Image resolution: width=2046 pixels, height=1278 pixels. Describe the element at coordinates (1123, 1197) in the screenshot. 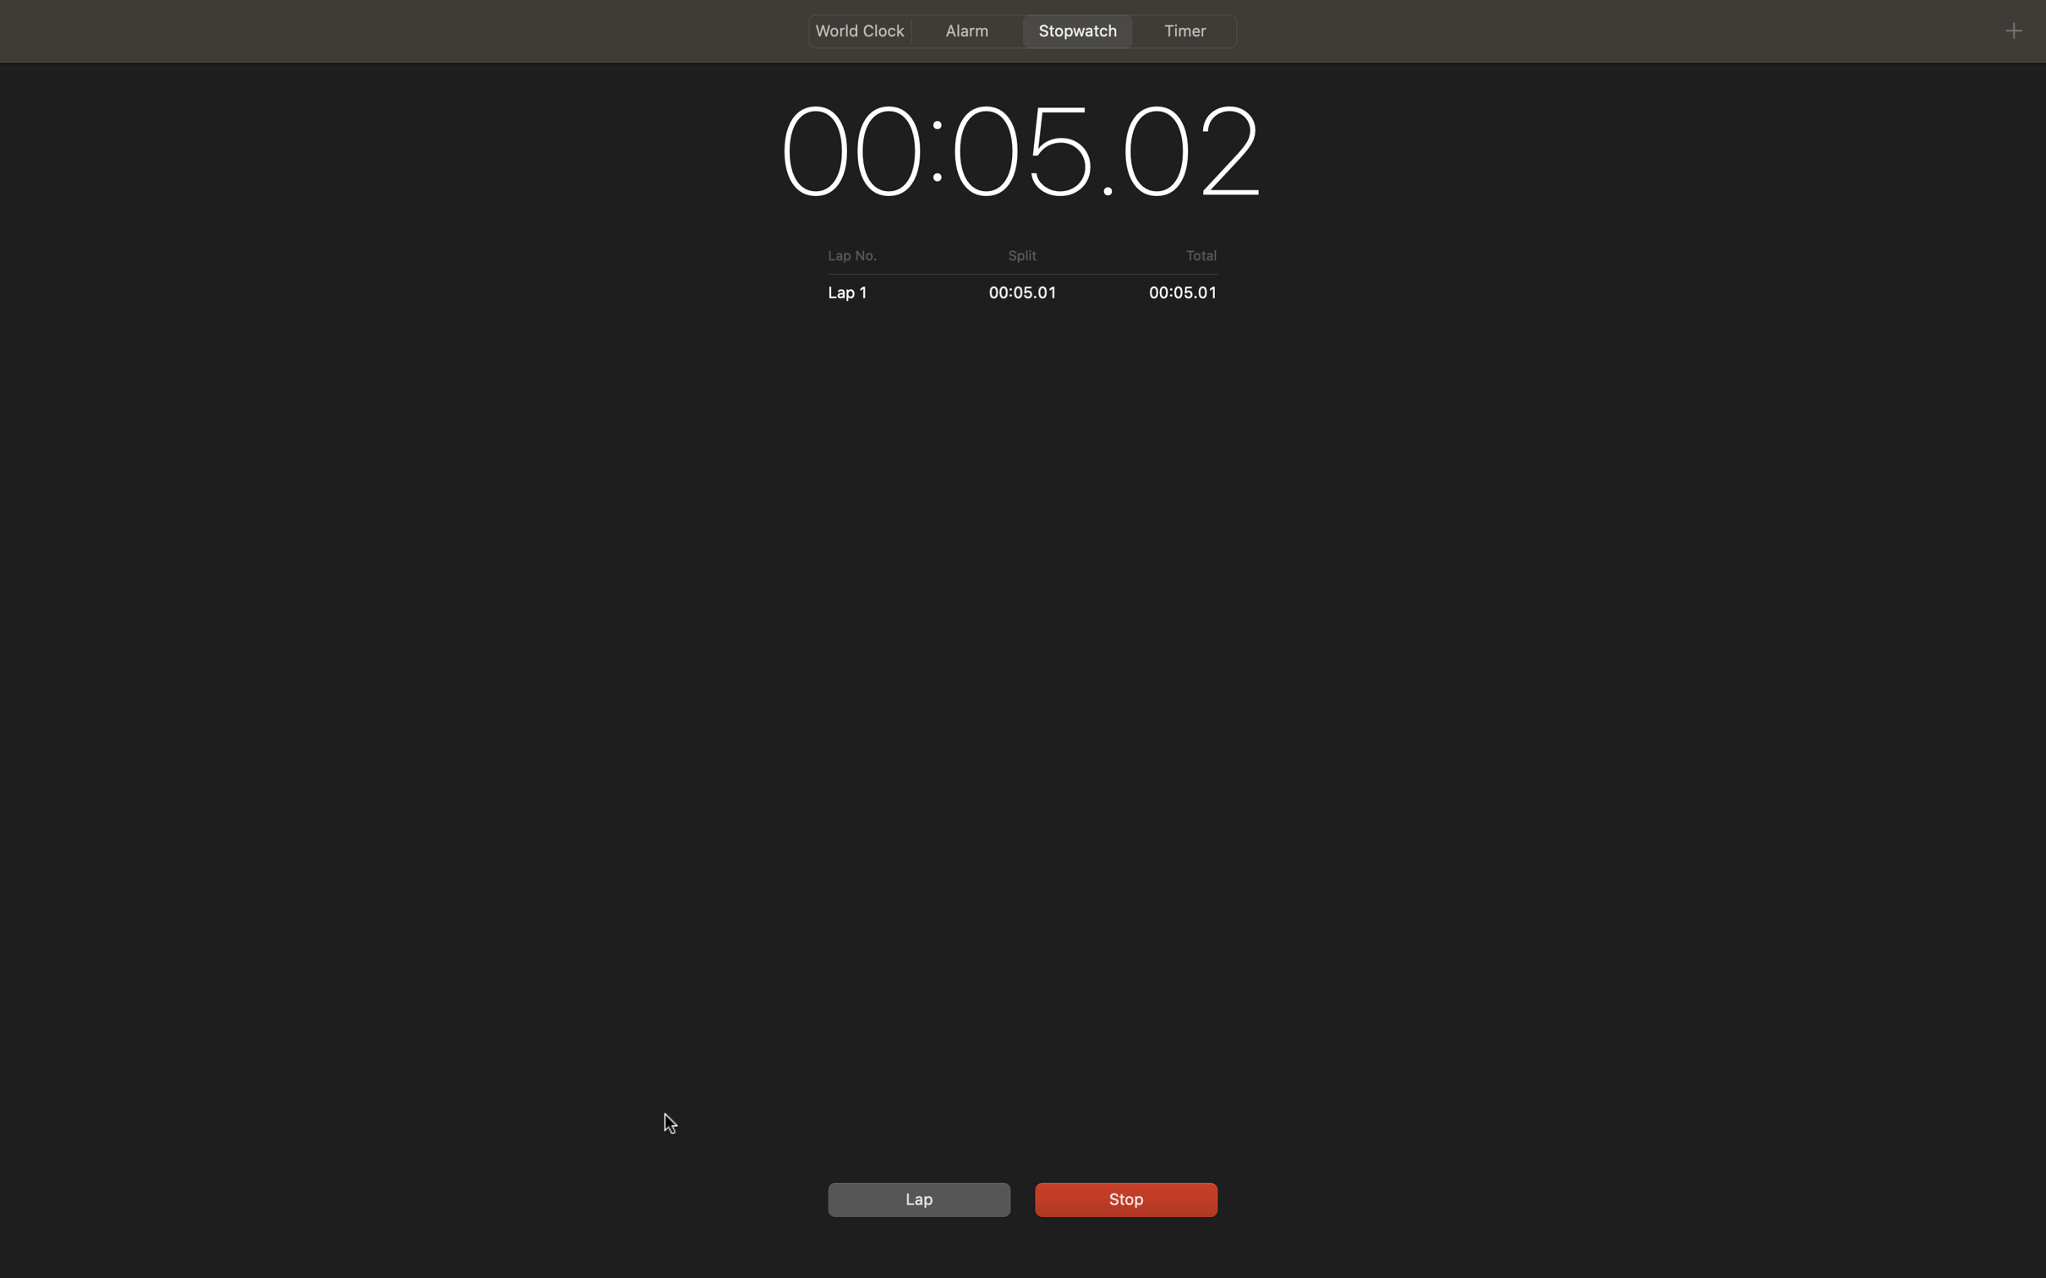

I see `Proceed with the stopwatch and subsequently mark a lap` at that location.